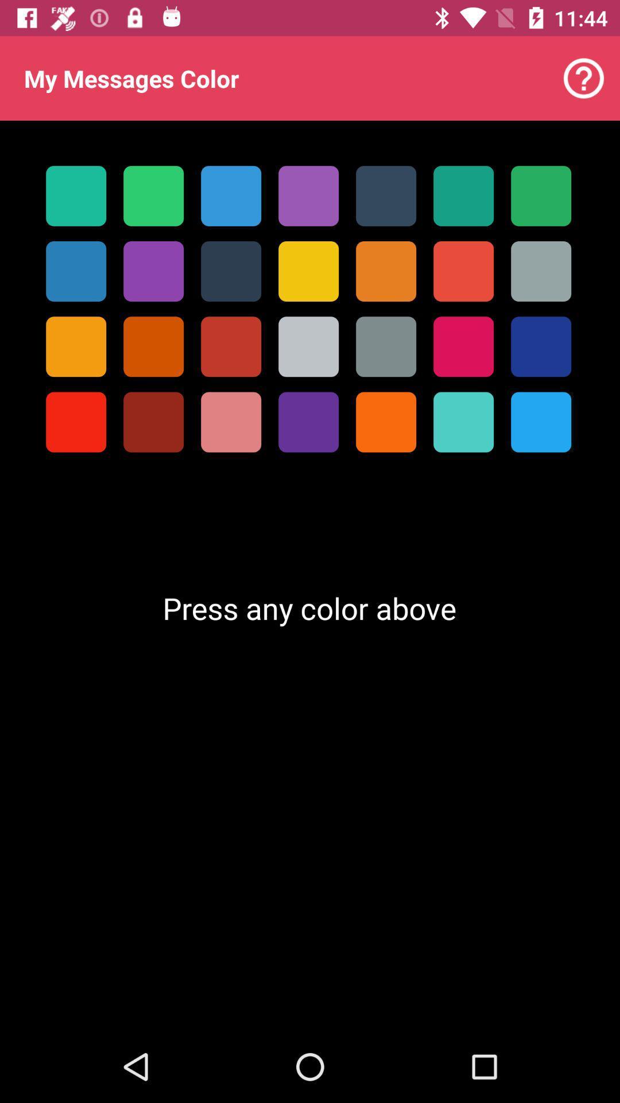 The height and width of the screenshot is (1103, 620). Describe the element at coordinates (231, 422) in the screenshot. I see `the third square box in last row` at that location.